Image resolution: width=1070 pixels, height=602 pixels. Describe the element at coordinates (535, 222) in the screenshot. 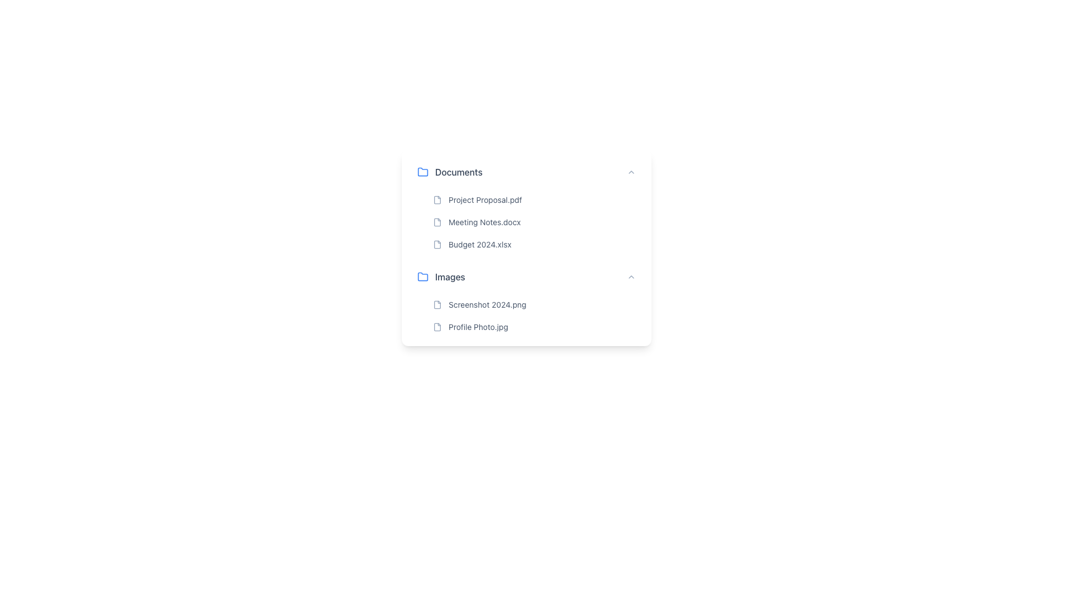

I see `the list item labeled 'Meeting Notes.docx'` at that location.